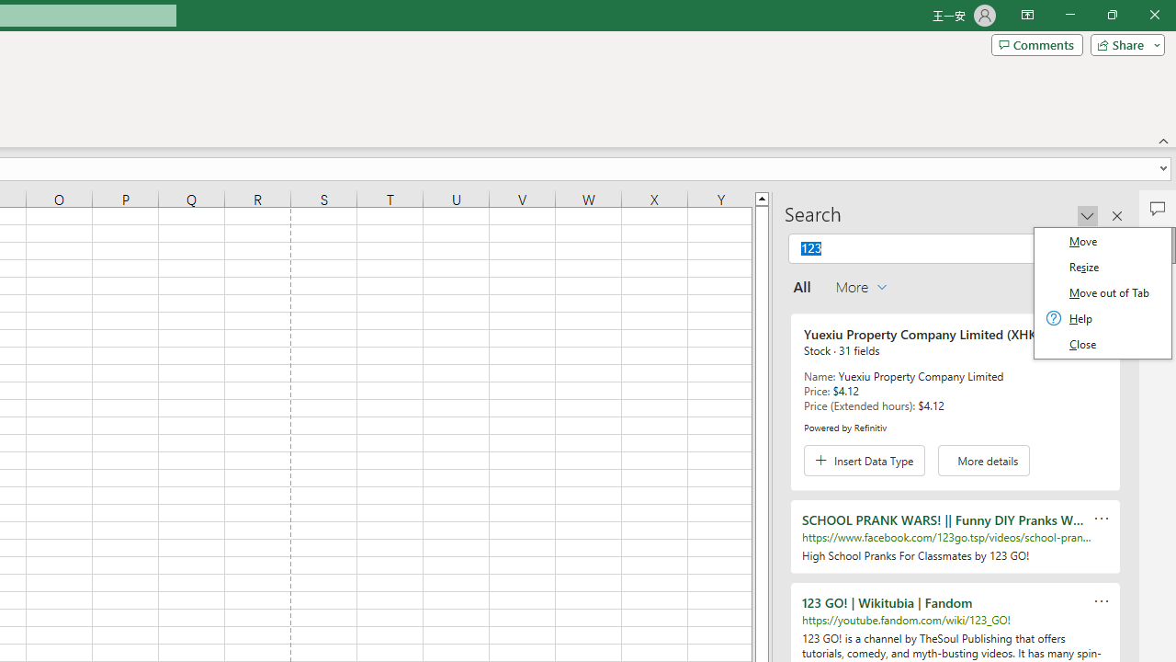 Image resolution: width=1176 pixels, height=662 pixels. What do you see at coordinates (1102, 291) in the screenshot?
I see `'Class: Net UI Tool Window'` at bounding box center [1102, 291].